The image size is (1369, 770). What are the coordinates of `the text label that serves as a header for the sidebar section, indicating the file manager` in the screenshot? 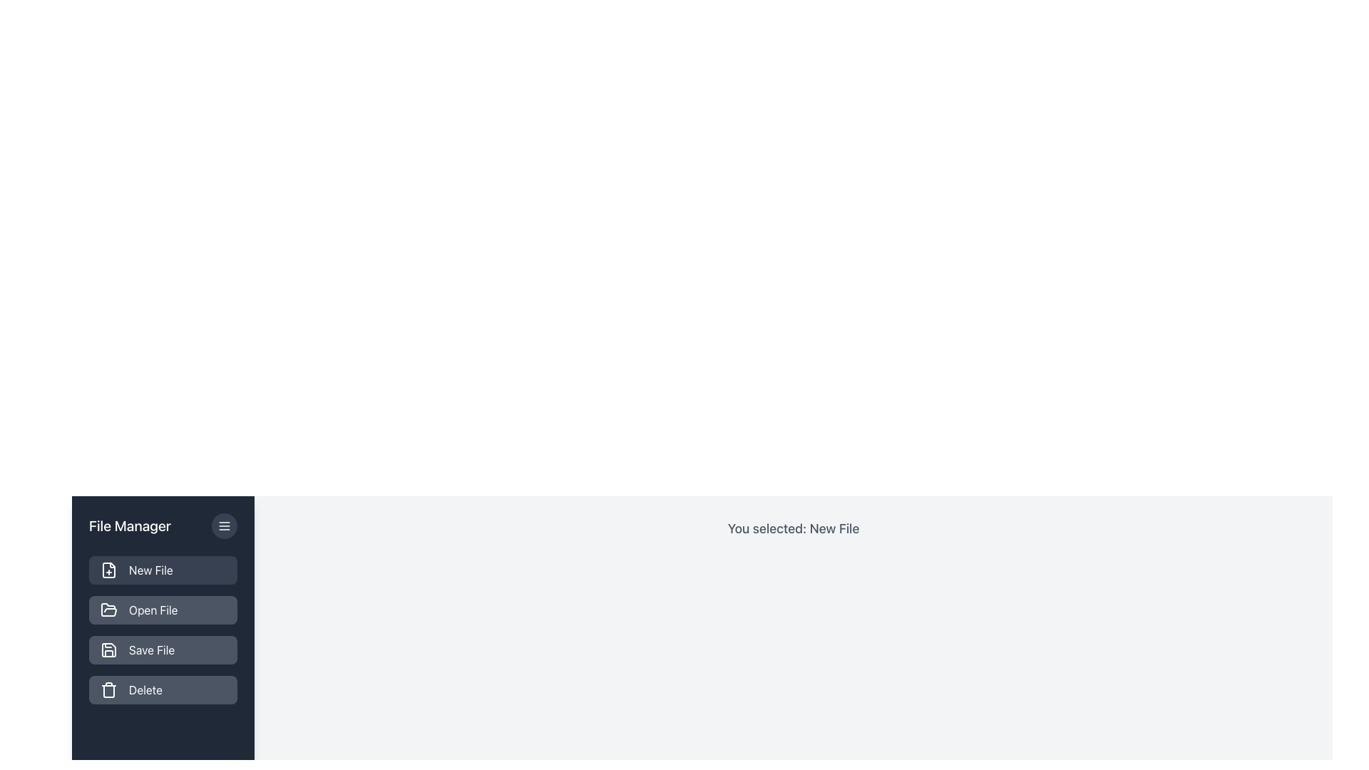 It's located at (130, 525).